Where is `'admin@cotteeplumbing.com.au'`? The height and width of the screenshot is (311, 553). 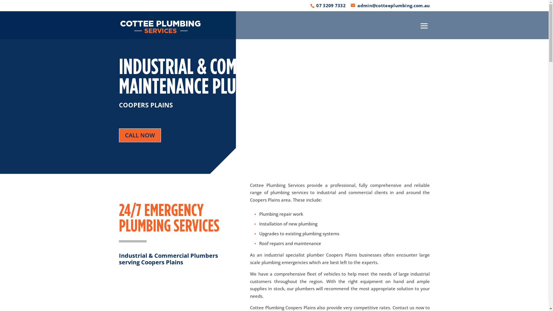 'admin@cotteeplumbing.com.au' is located at coordinates (390, 5).